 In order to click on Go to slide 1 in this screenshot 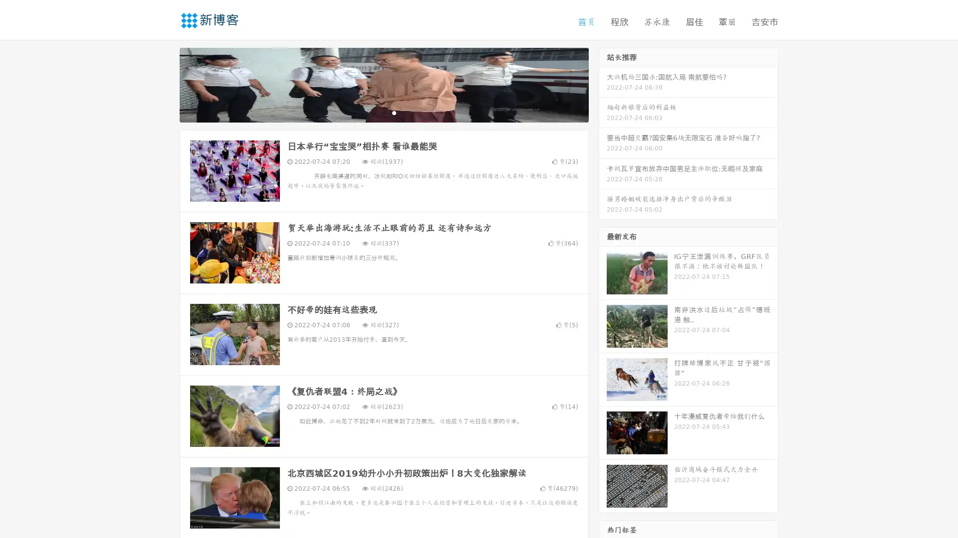, I will do `click(373, 112)`.